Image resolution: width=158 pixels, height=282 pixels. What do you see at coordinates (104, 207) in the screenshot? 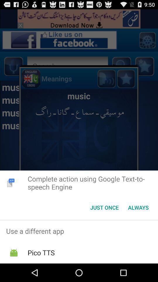
I see `just once item` at bounding box center [104, 207].